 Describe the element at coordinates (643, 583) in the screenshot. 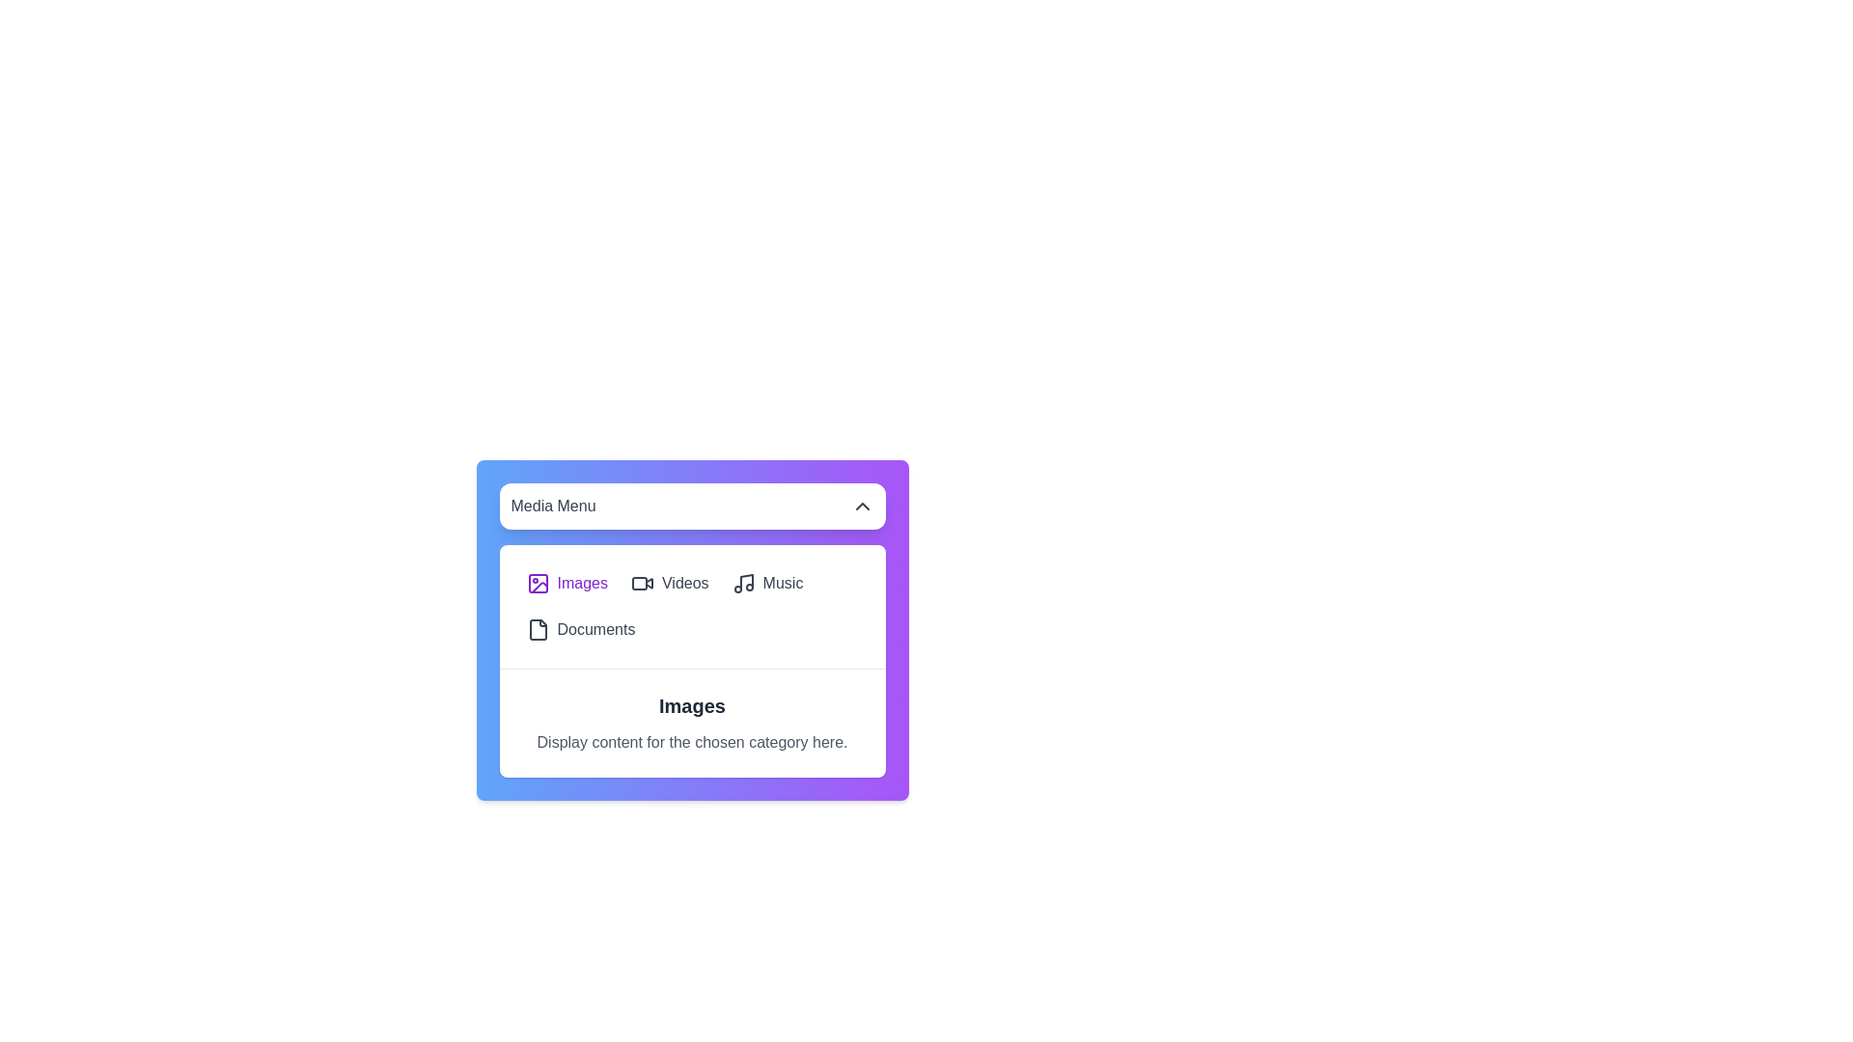

I see `the video camera icon located in the 'Videos' button of the 'Media Menu' interface` at that location.